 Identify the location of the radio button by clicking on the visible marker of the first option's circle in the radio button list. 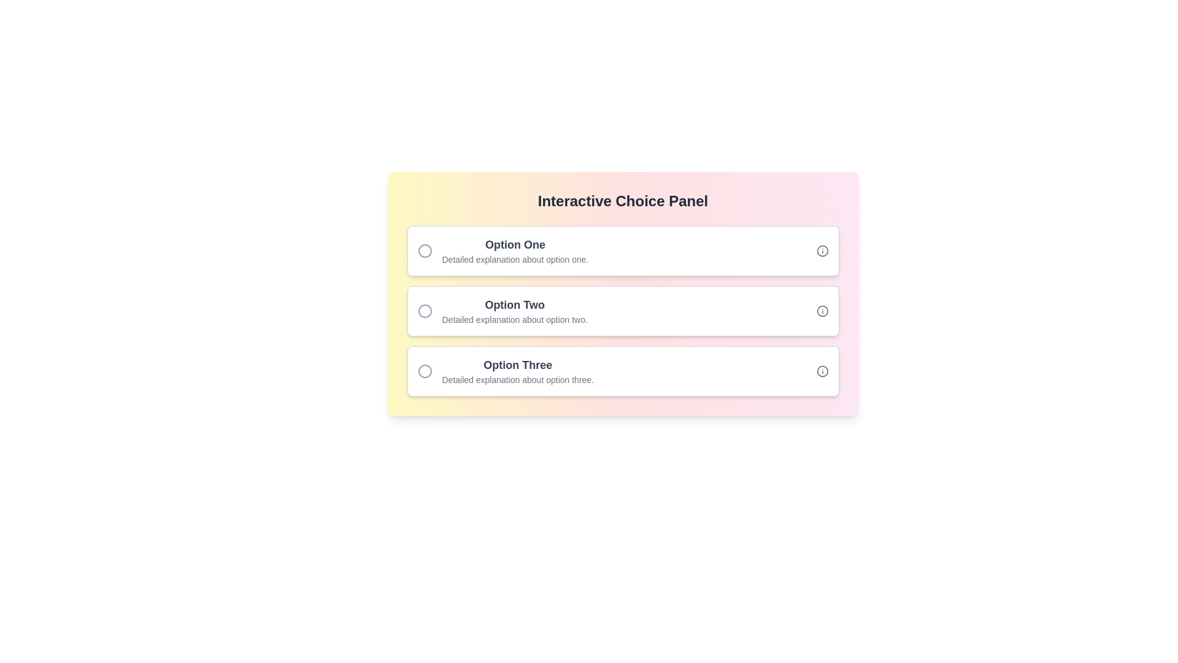
(425, 250).